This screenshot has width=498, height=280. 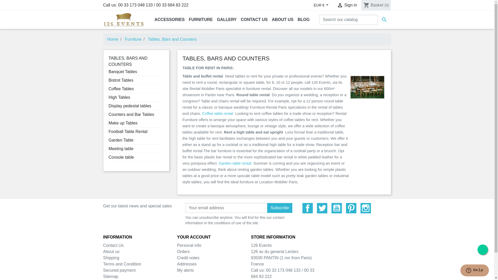 What do you see at coordinates (185, 270) in the screenshot?
I see `'My alerts'` at bounding box center [185, 270].